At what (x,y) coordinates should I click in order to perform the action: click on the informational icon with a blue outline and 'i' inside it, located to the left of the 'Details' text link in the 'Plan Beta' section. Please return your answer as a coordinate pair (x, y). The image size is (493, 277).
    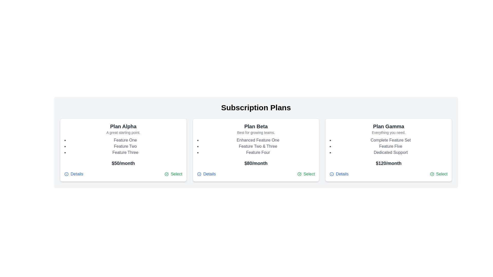
    Looking at the image, I should click on (199, 174).